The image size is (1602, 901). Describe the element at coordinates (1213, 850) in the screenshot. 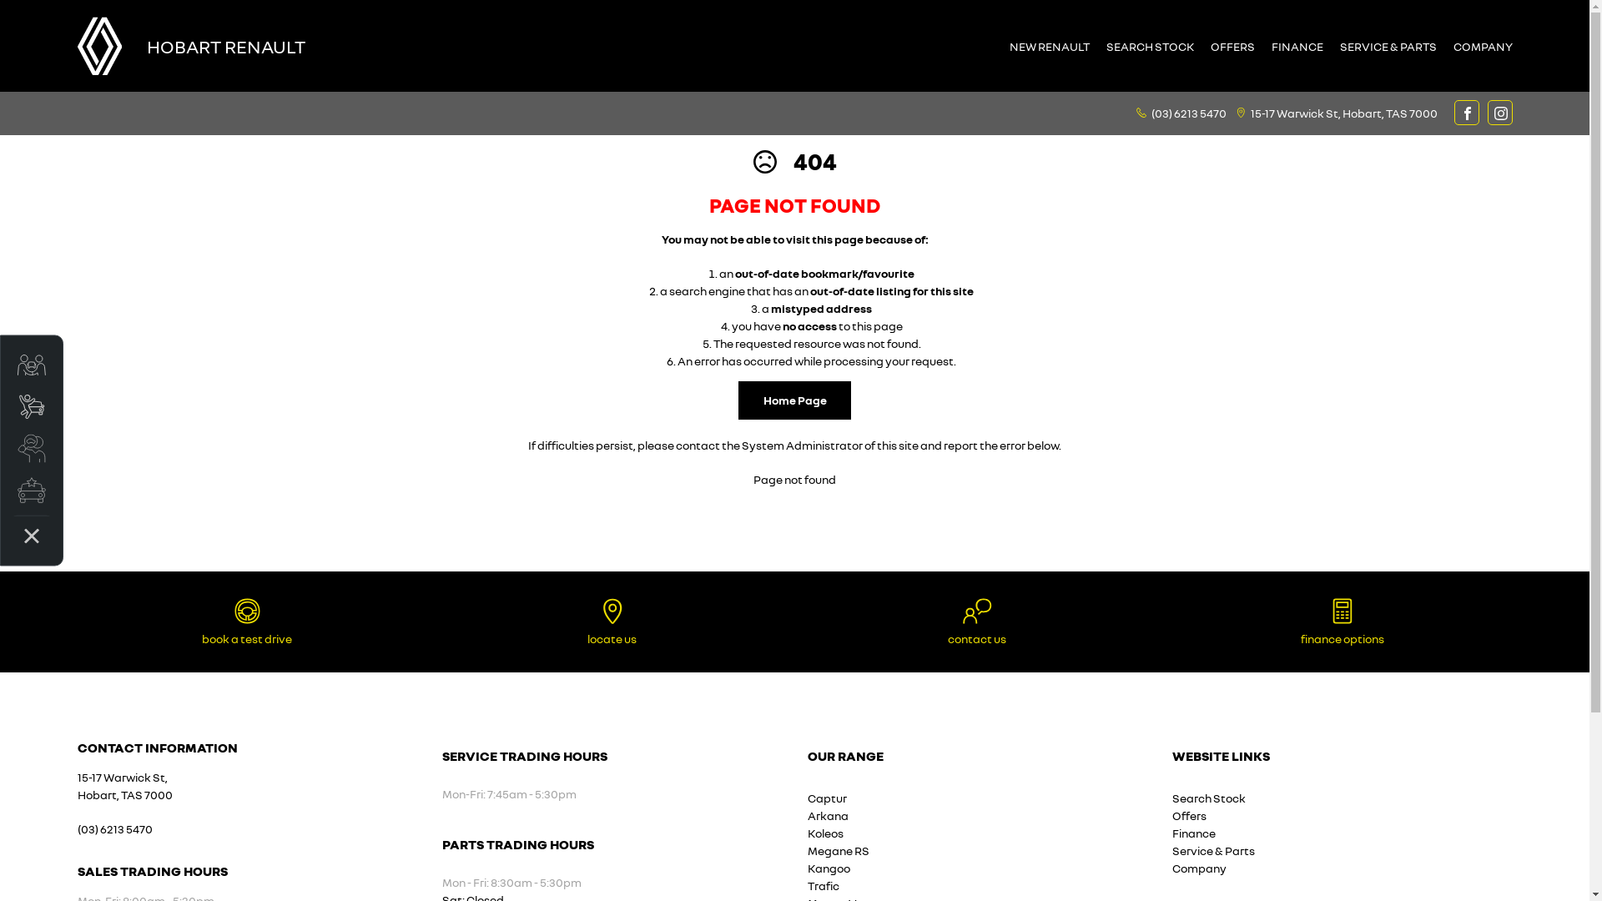

I see `'Service & Parts'` at that location.